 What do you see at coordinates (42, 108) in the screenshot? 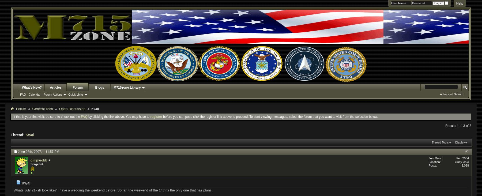
I see `'General Tech'` at bounding box center [42, 108].